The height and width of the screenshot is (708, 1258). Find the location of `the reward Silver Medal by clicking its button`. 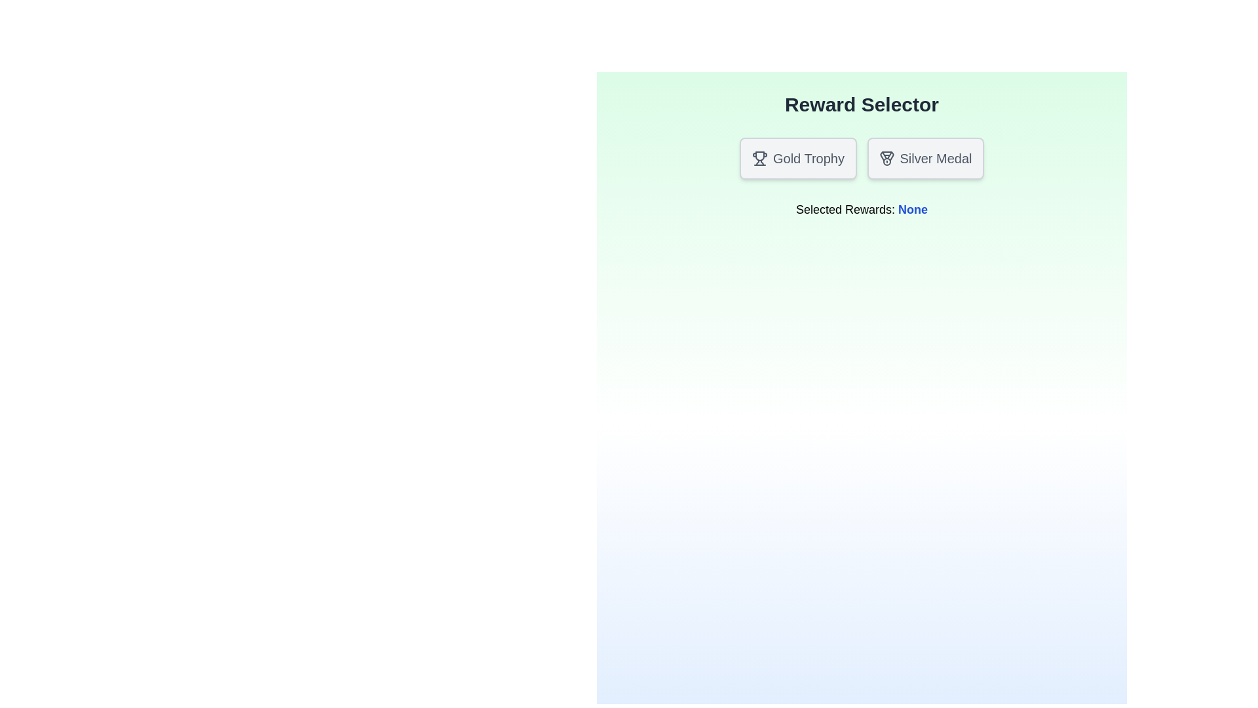

the reward Silver Medal by clicking its button is located at coordinates (924, 158).